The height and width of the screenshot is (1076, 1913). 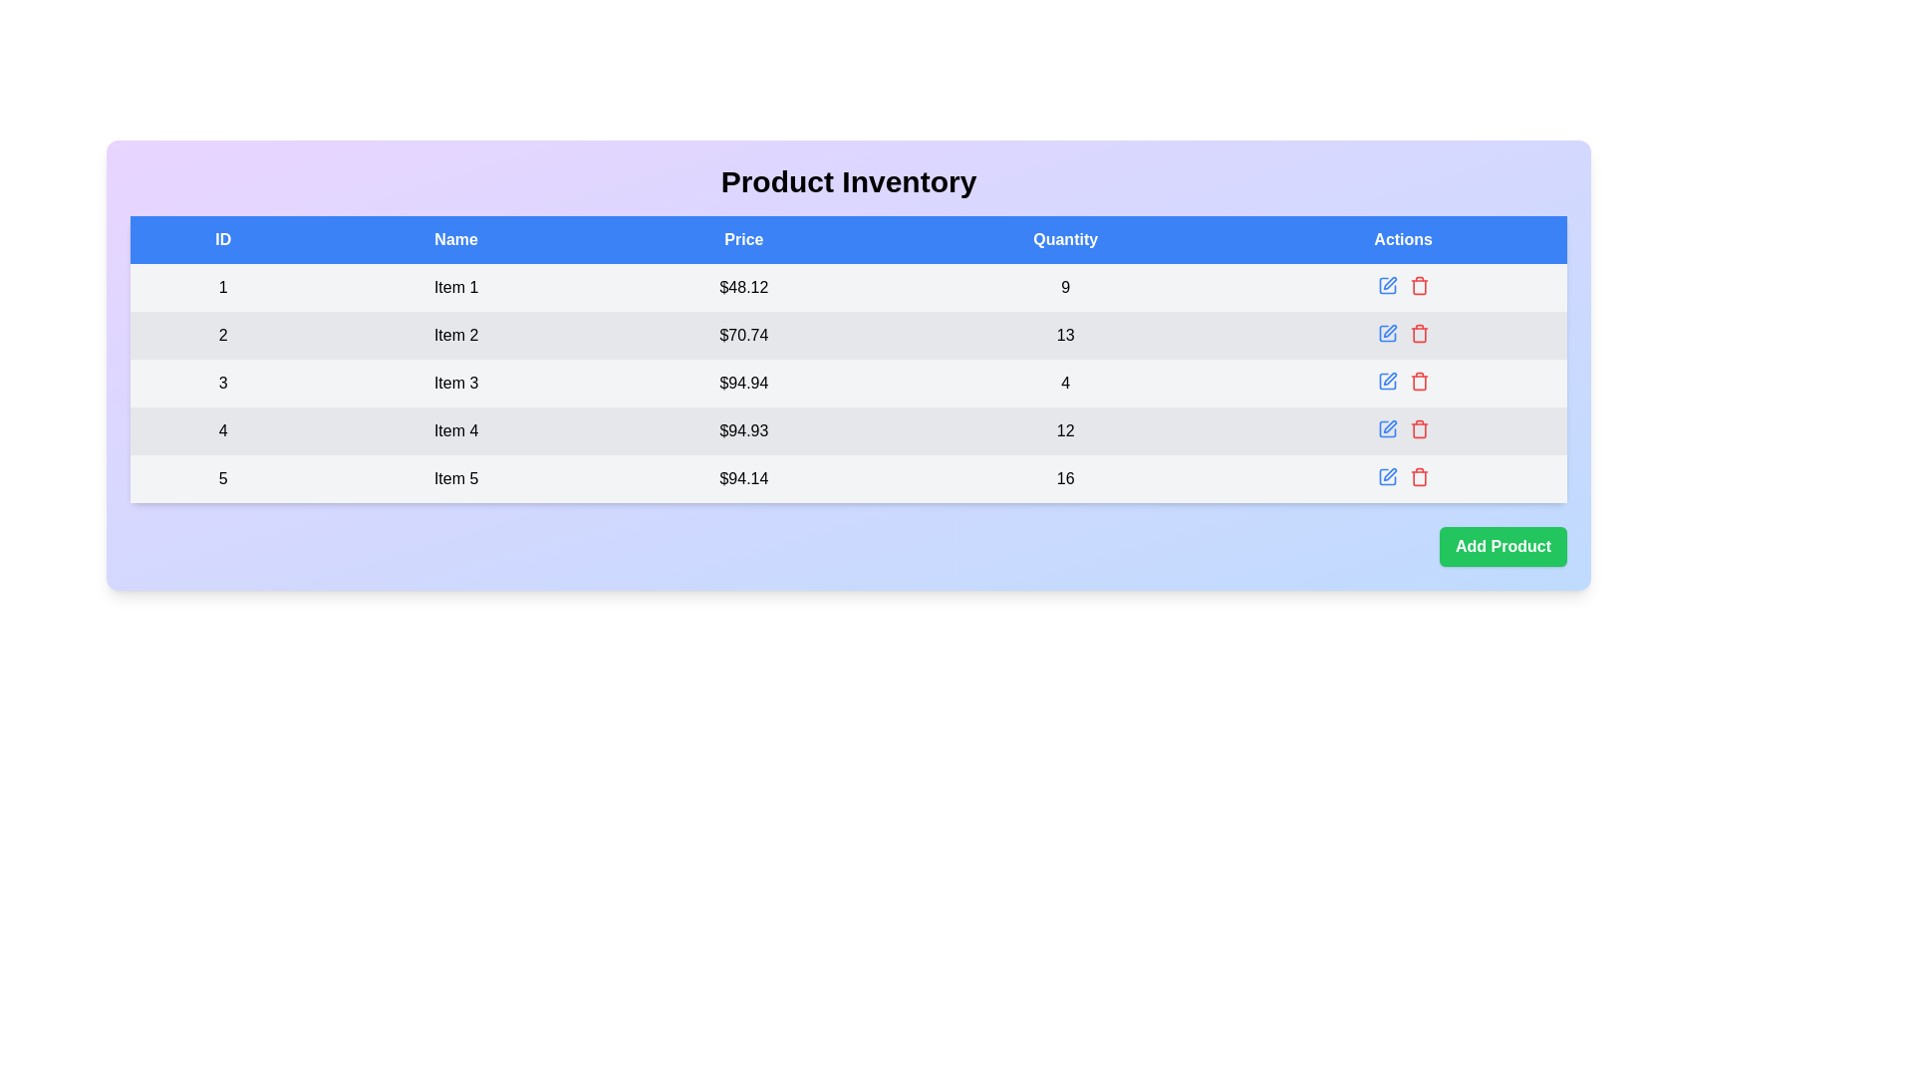 What do you see at coordinates (1418, 428) in the screenshot?
I see `the trash bin icon button, which is styled in red and used for delete actions` at bounding box center [1418, 428].